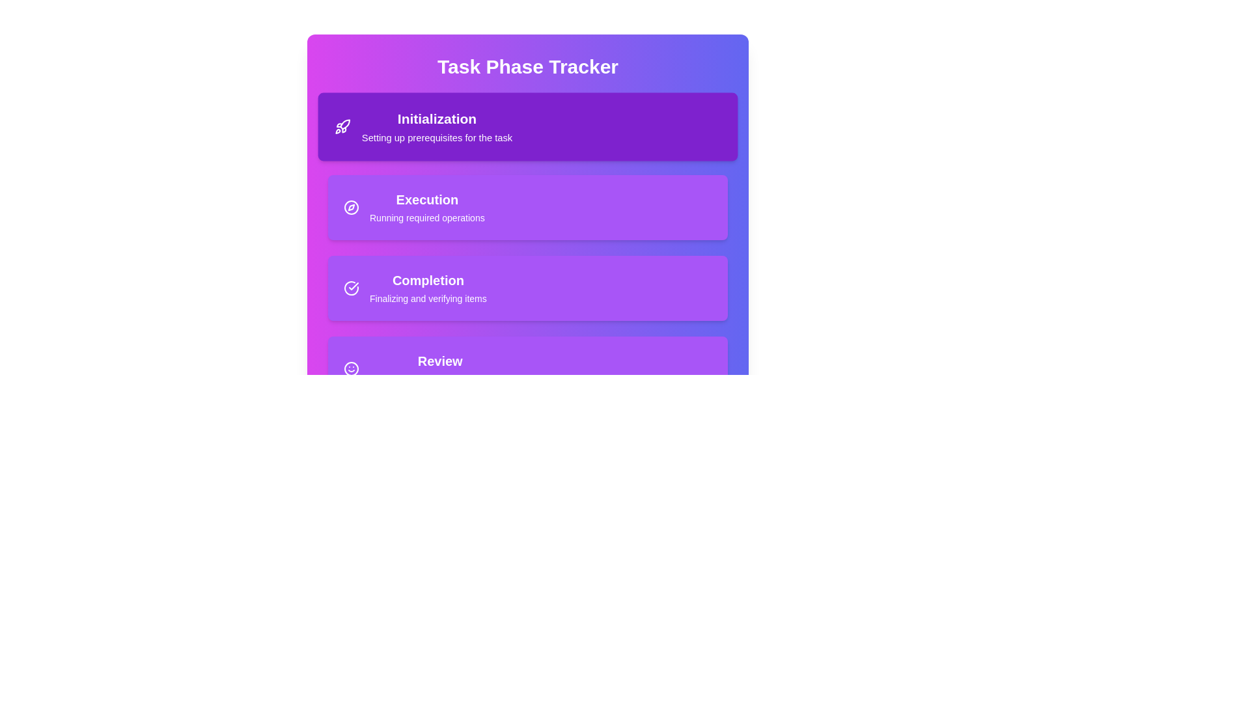  Describe the element at coordinates (427, 207) in the screenshot. I see `the Text Label element that displays 'Execution' in bold and 'Running required operations' in a smaller font, part of a purple card in the task tracker` at that location.